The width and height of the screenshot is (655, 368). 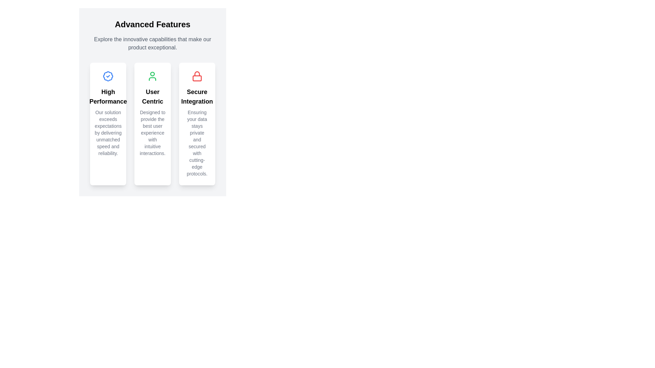 What do you see at coordinates (108, 76) in the screenshot?
I see `the Decorative icon or graphic, which is a circular design with a scalloped outline and blue color, located at the top of the first column above the 'High Performance' section title` at bounding box center [108, 76].